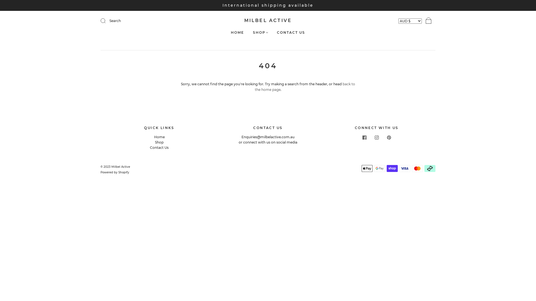  What do you see at coordinates (304, 87) in the screenshot?
I see `'back to the home page'` at bounding box center [304, 87].